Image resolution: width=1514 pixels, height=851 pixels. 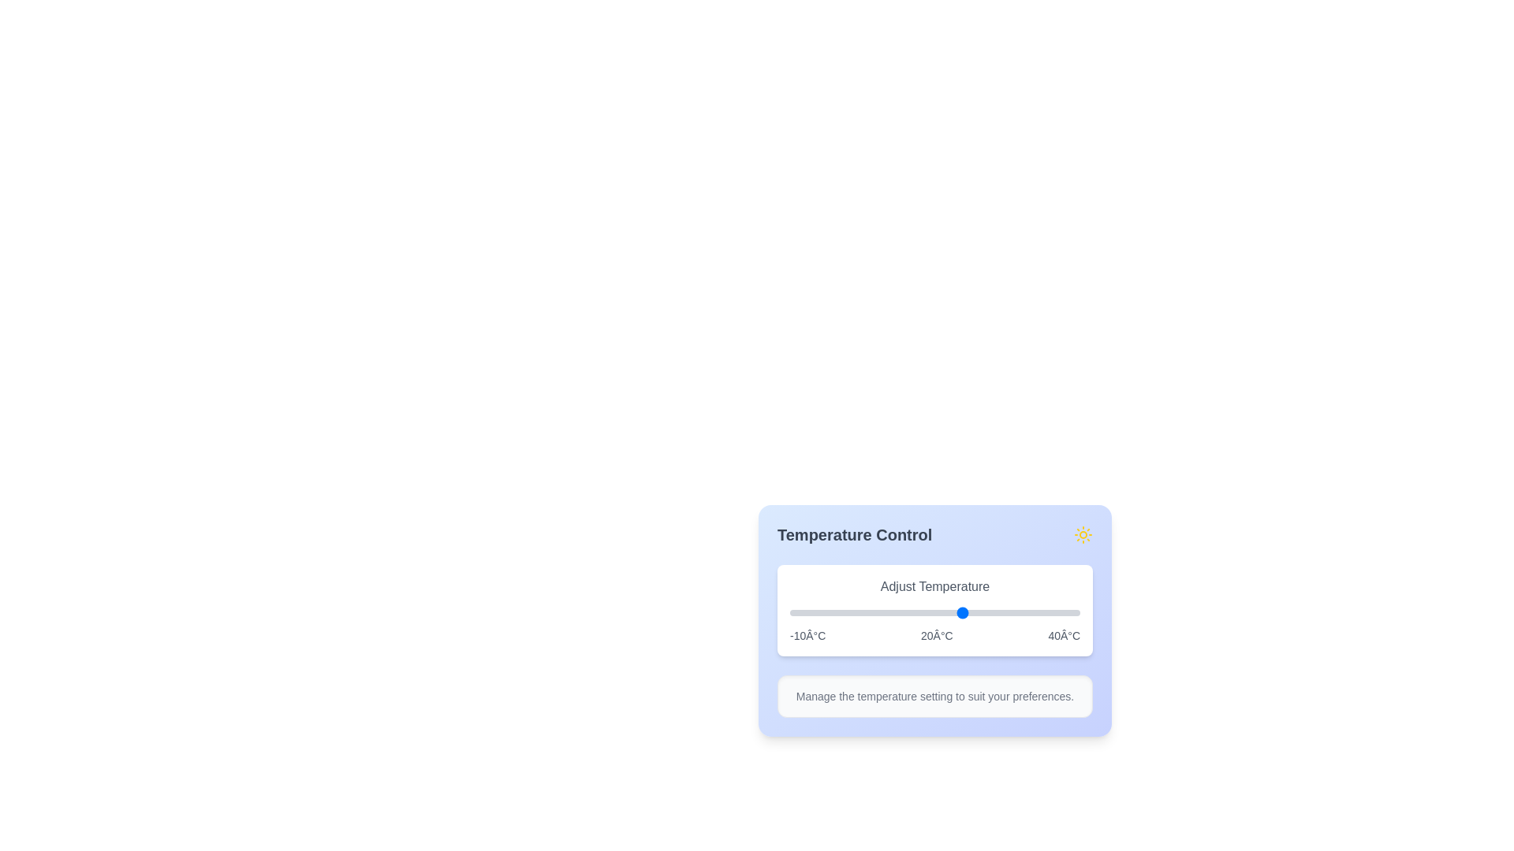 What do you see at coordinates (813, 612) in the screenshot?
I see `the temperature slider to set the temperature to -6°C` at bounding box center [813, 612].